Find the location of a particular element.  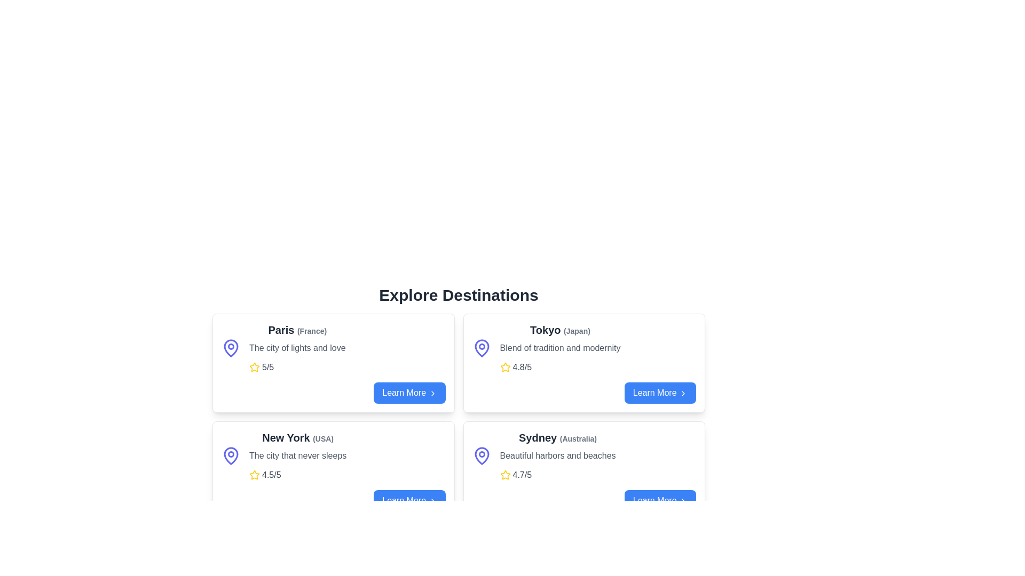

the text element displaying 'Paris (France)', which is styled in bold and black-gray color, located at the top left of the first card in the grid structure is located at coordinates (297, 329).